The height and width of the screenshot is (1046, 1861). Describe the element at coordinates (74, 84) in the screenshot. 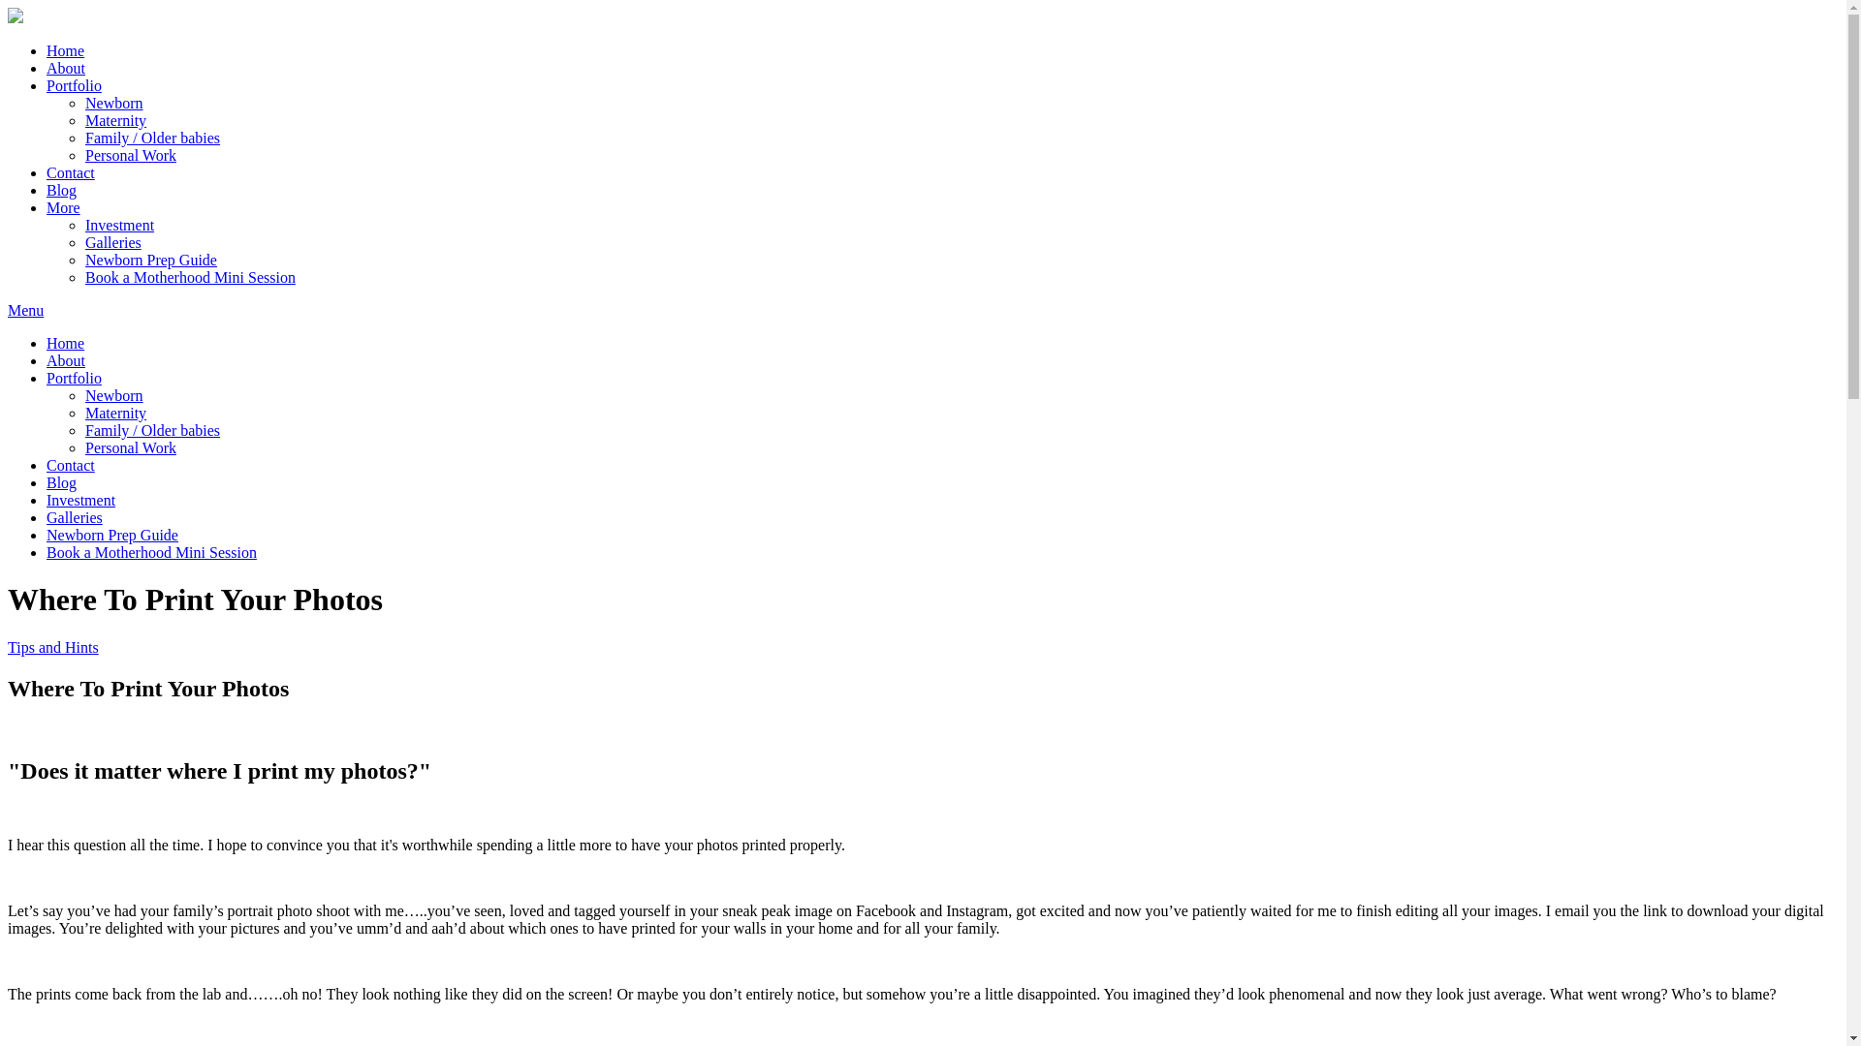

I see `'Portfolio'` at that location.